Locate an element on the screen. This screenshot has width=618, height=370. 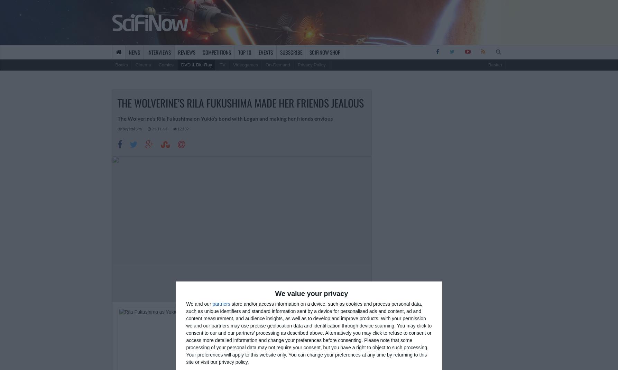
'Interviews' is located at coordinates (159, 52).